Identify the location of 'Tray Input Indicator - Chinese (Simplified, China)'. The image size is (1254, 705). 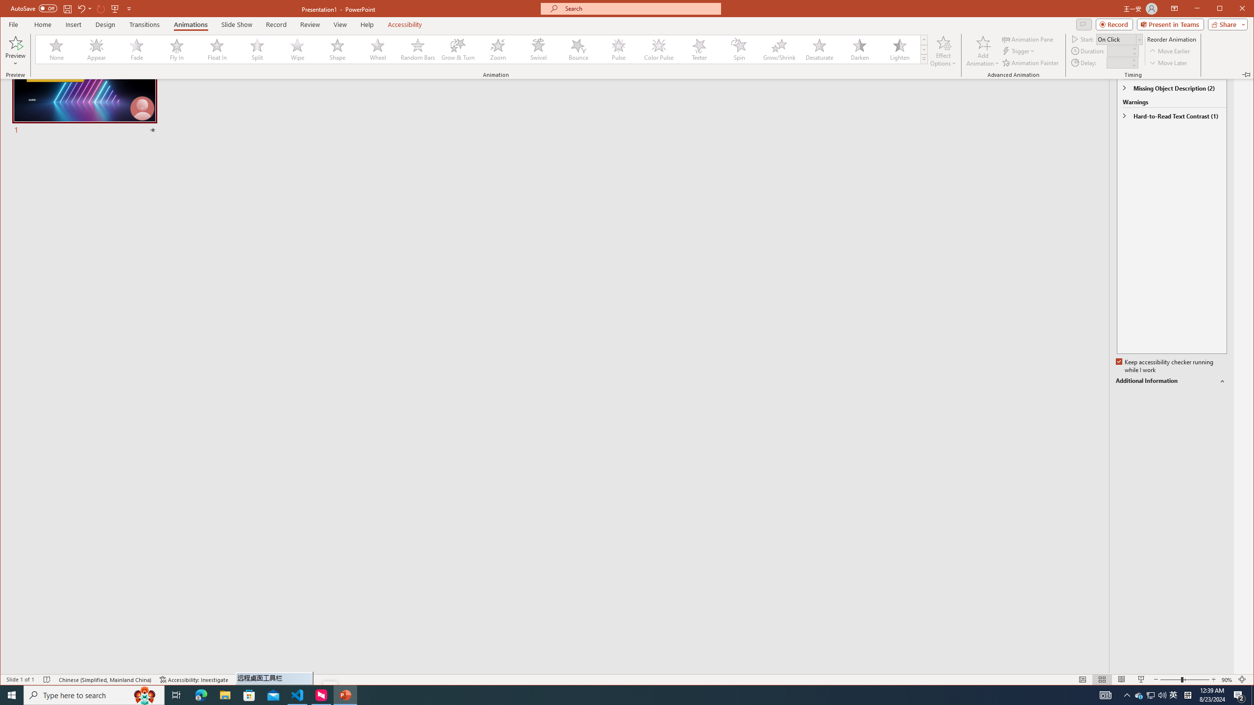
(1187, 694).